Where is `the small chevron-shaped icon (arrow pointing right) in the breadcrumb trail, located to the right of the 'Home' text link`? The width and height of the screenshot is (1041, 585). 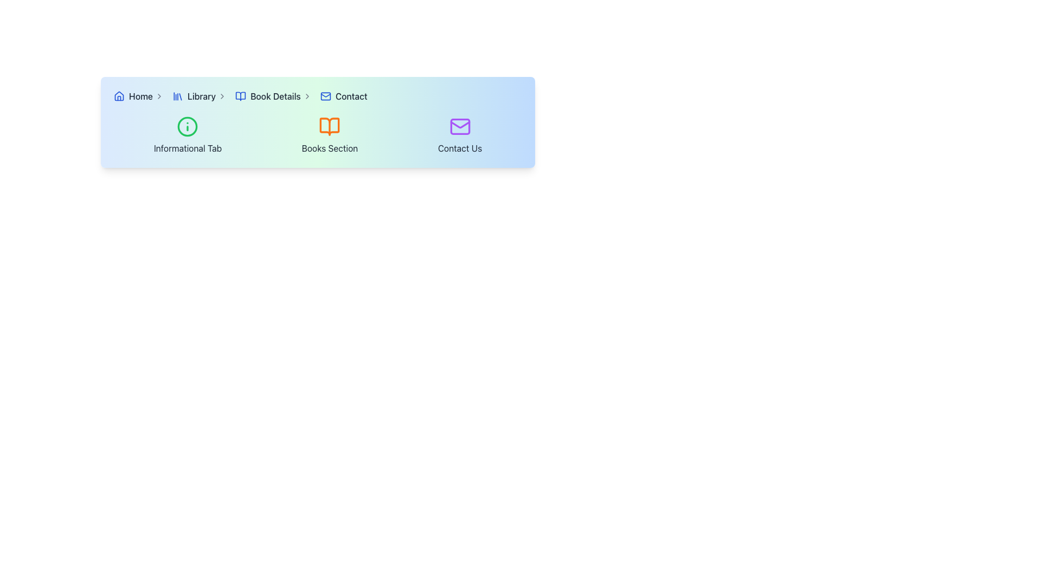 the small chevron-shaped icon (arrow pointing right) in the breadcrumb trail, located to the right of the 'Home' text link is located at coordinates (158, 95).